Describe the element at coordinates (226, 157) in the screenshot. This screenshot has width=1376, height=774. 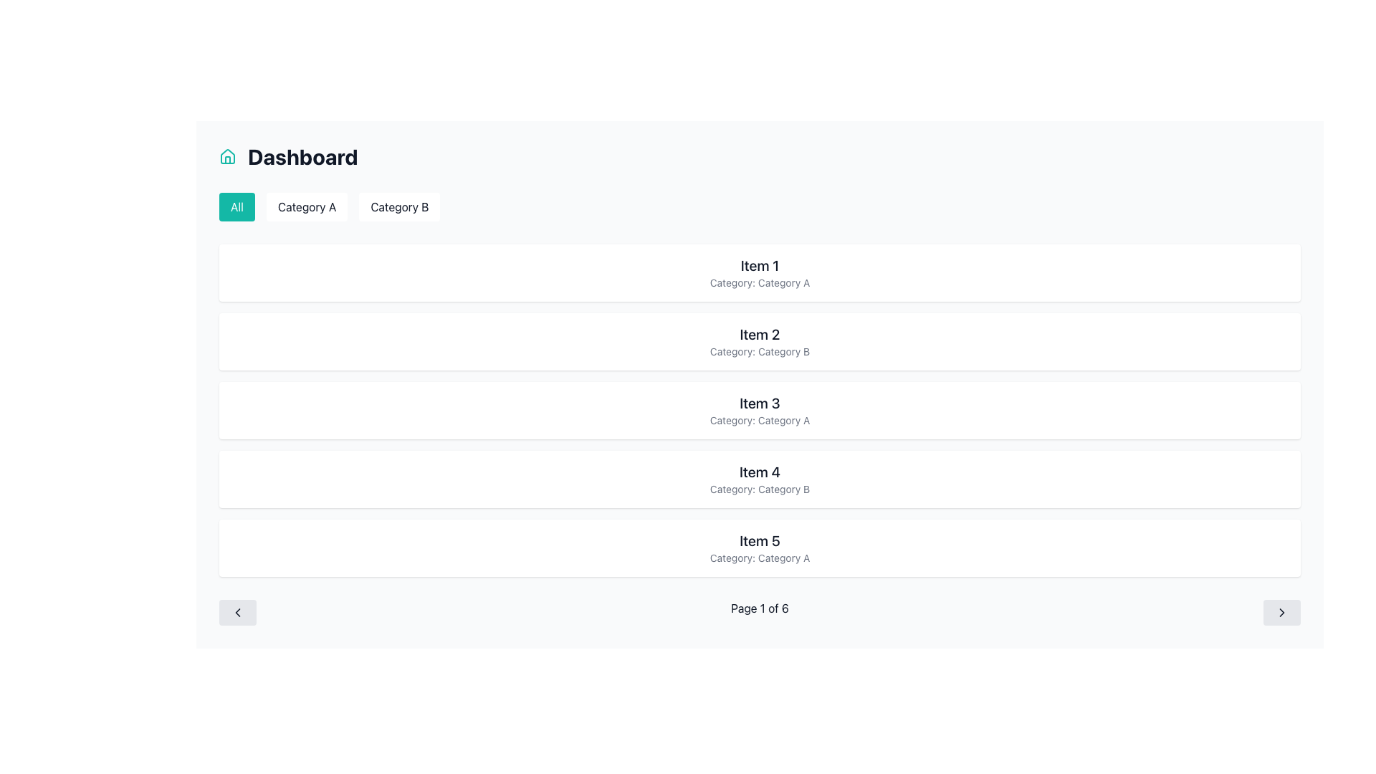
I see `the teal-colored house-shaped icon with rounded edges, located to the left of the bolded text 'Dashboard'` at that location.